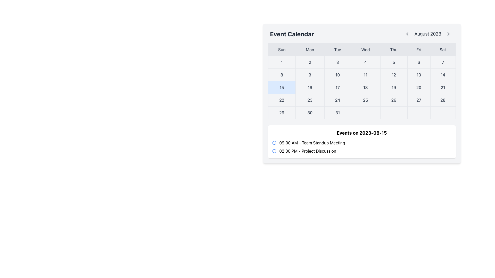  Describe the element at coordinates (393, 49) in the screenshot. I see `text displayed on the Thursday label in the calendar interface, which is the fifth element in a horizontal list of day headers` at that location.